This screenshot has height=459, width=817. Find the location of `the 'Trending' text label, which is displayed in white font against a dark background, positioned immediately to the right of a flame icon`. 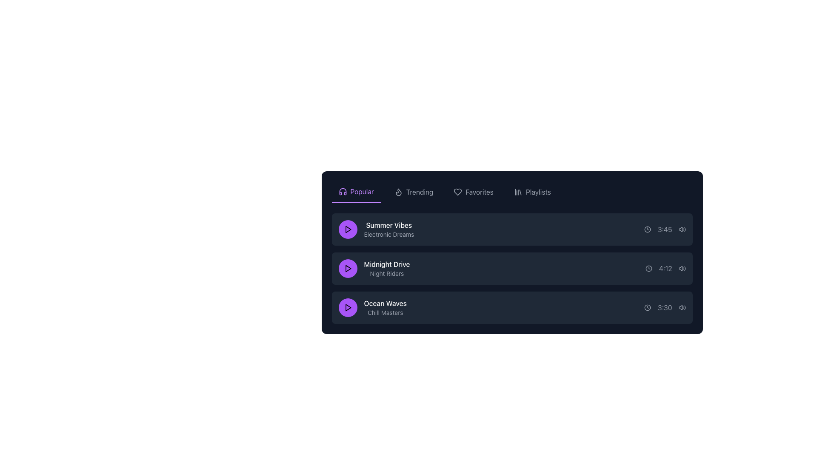

the 'Trending' text label, which is displayed in white font against a dark background, positioned immediately to the right of a flame icon is located at coordinates (420, 192).